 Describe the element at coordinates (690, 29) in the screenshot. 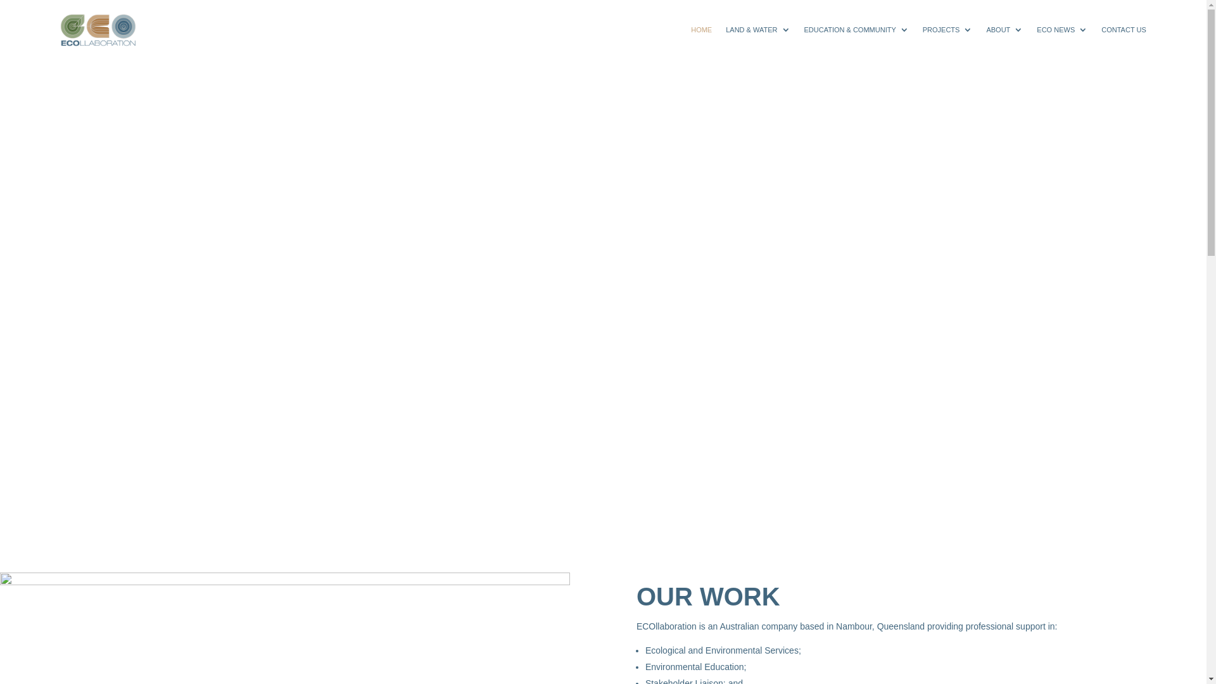

I see `'HOME'` at that location.